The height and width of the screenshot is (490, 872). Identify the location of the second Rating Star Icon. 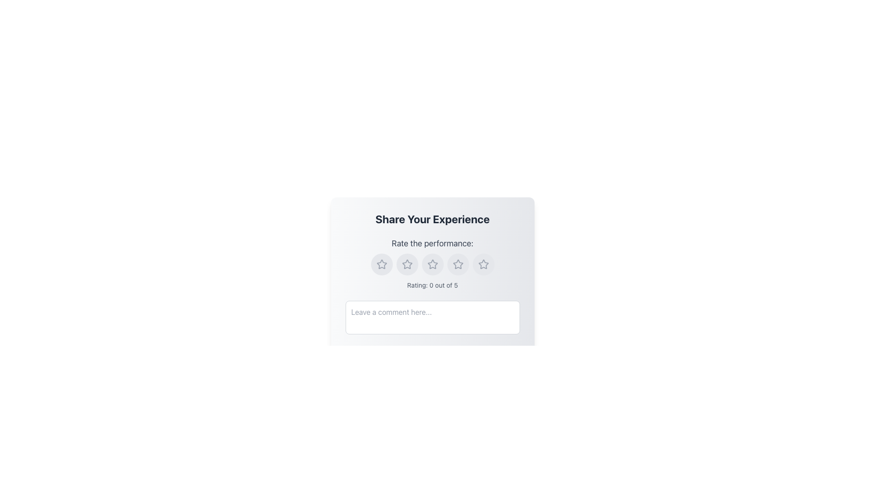
(406, 264).